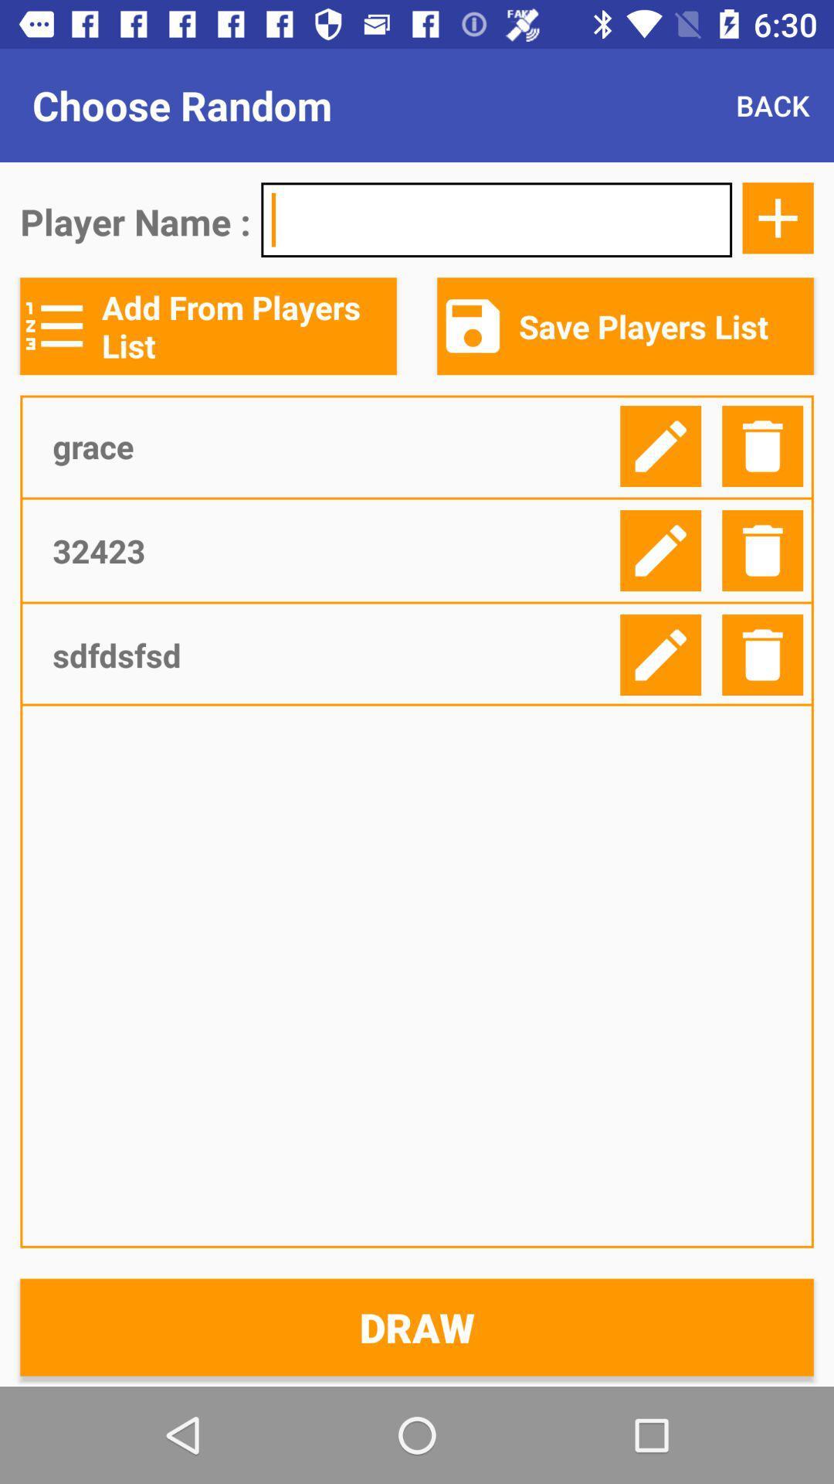  What do you see at coordinates (660, 445) in the screenshot?
I see `edit name` at bounding box center [660, 445].